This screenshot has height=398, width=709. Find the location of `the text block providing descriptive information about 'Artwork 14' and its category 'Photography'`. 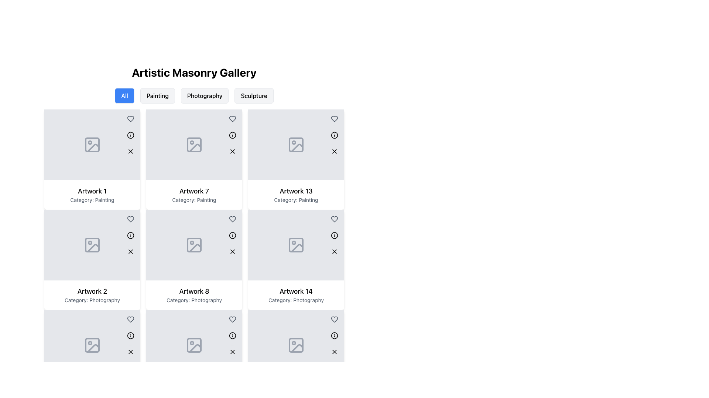

the text block providing descriptive information about 'Artwork 14' and its category 'Photography' is located at coordinates (296, 295).